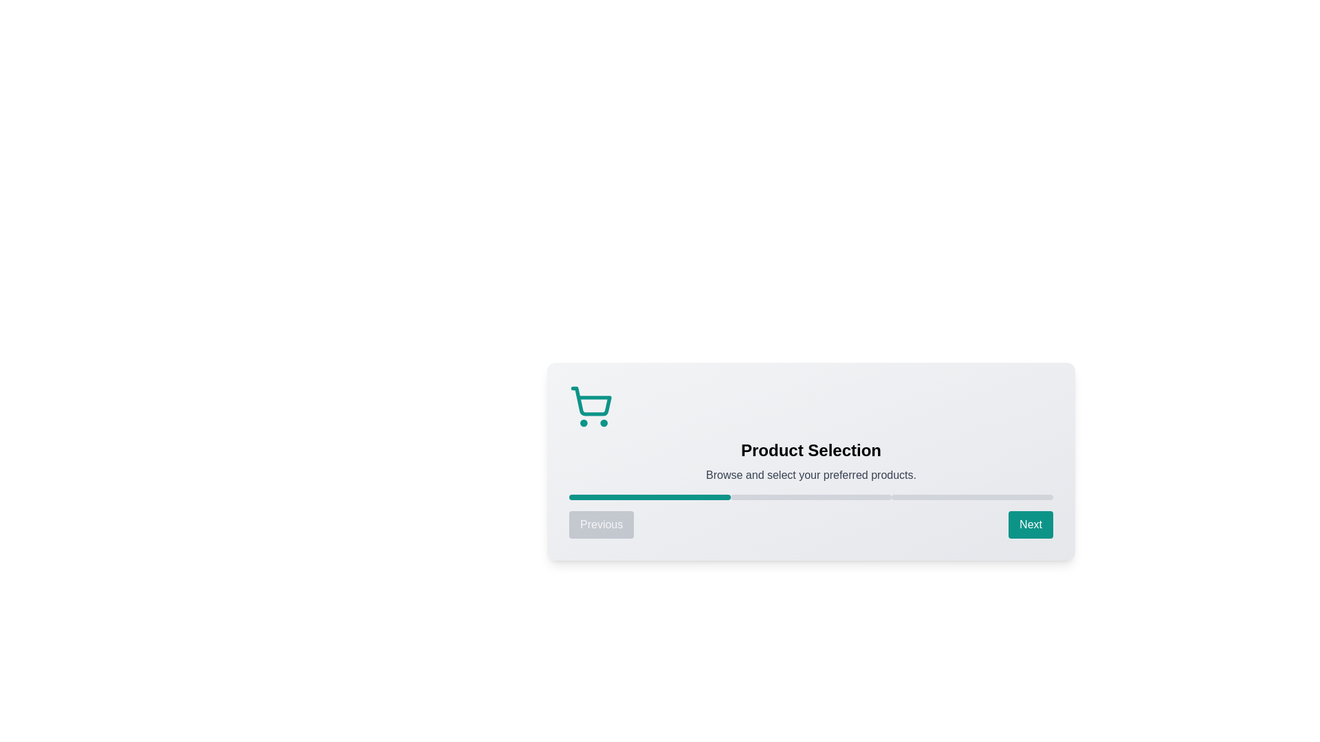 The width and height of the screenshot is (1320, 742). I want to click on the text 'Product Selection' to select it, so click(811, 450).